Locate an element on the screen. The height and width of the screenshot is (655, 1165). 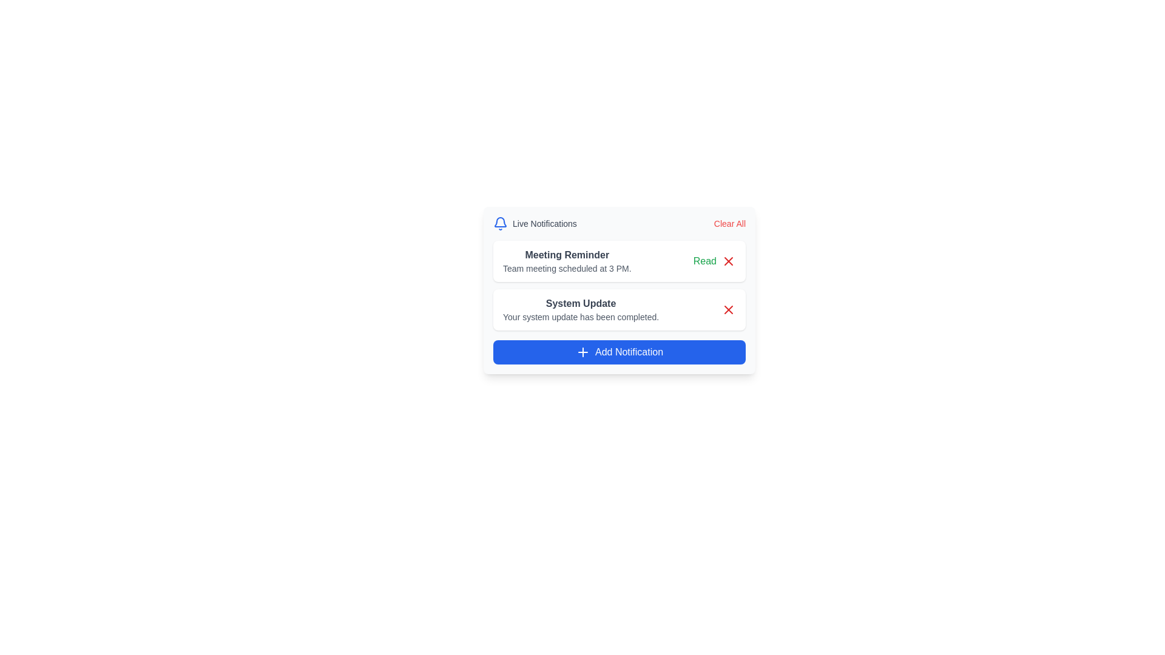
the 'Meeting Reminder' text label, which is a bold gray font situated at the top center of the notification card is located at coordinates (566, 254).